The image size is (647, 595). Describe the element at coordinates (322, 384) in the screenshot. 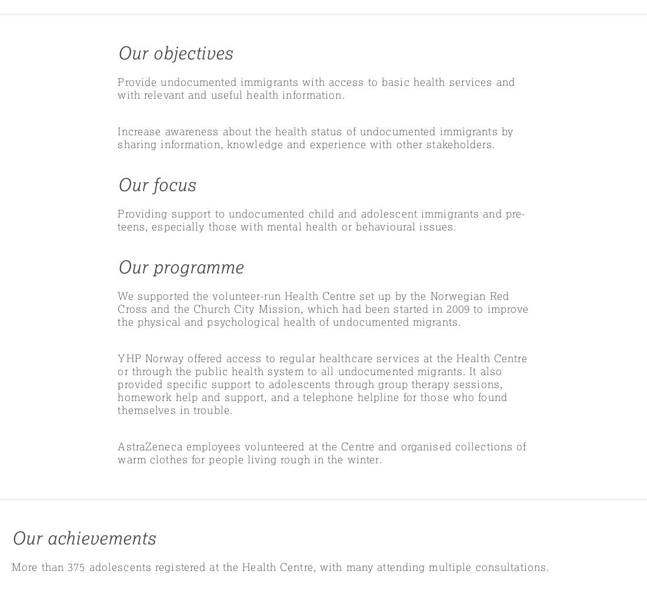

I see `'YHP Norway offered access to regular healthcare services at the Health Centre or through the public health system to all undocumented migrants. It also provided specific support to adolescents through group therapy sessions, homework help and support, and a telephone helpline for those who found themselves in trouble.'` at that location.